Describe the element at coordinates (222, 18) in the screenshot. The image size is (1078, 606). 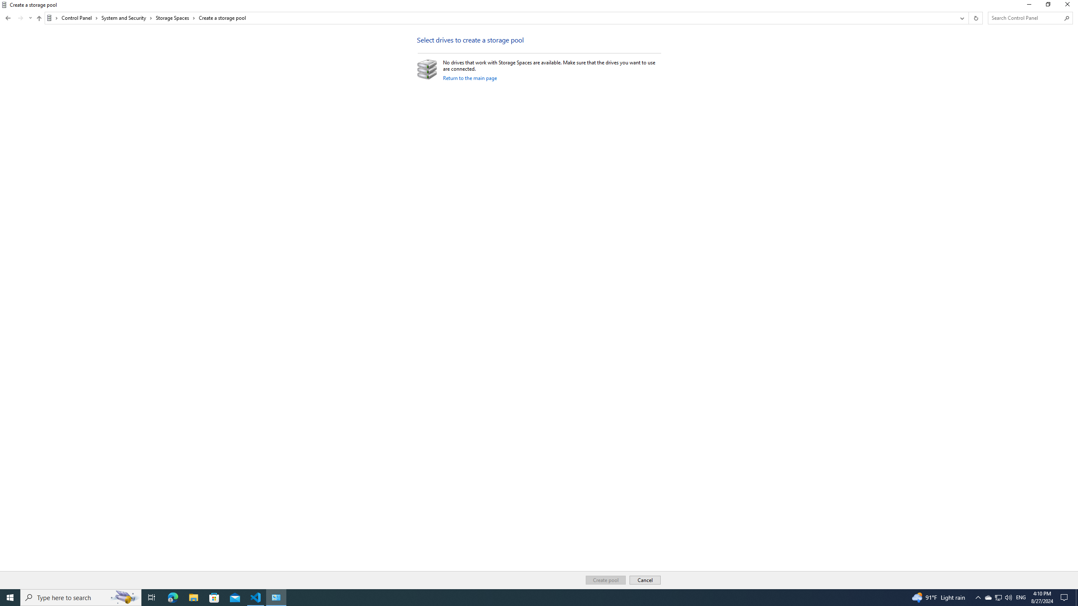
I see `'Create a storage pool'` at that location.